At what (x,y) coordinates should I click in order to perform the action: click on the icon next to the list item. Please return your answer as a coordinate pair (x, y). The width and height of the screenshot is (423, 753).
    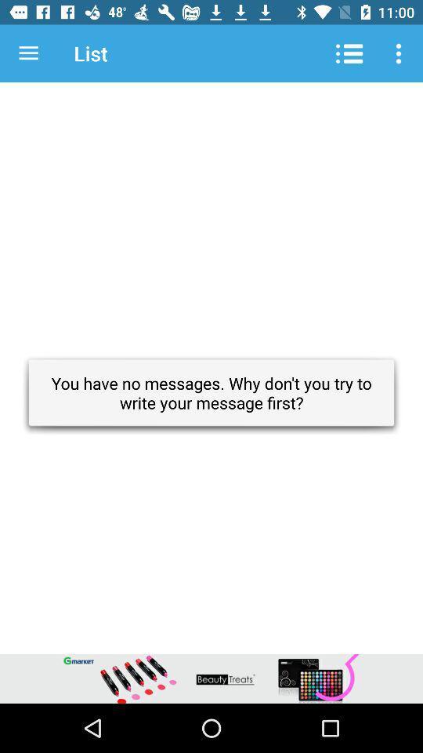
    Looking at the image, I should click on (28, 53).